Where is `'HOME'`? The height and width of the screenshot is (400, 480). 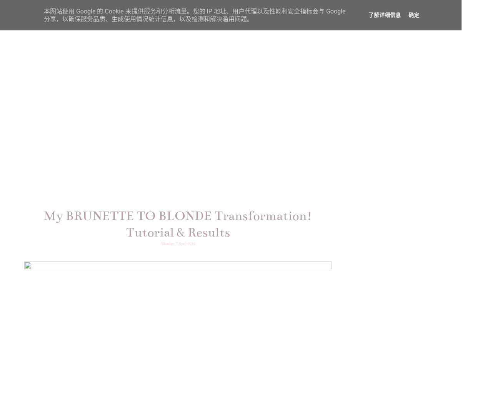 'HOME' is located at coordinates (162, 27).